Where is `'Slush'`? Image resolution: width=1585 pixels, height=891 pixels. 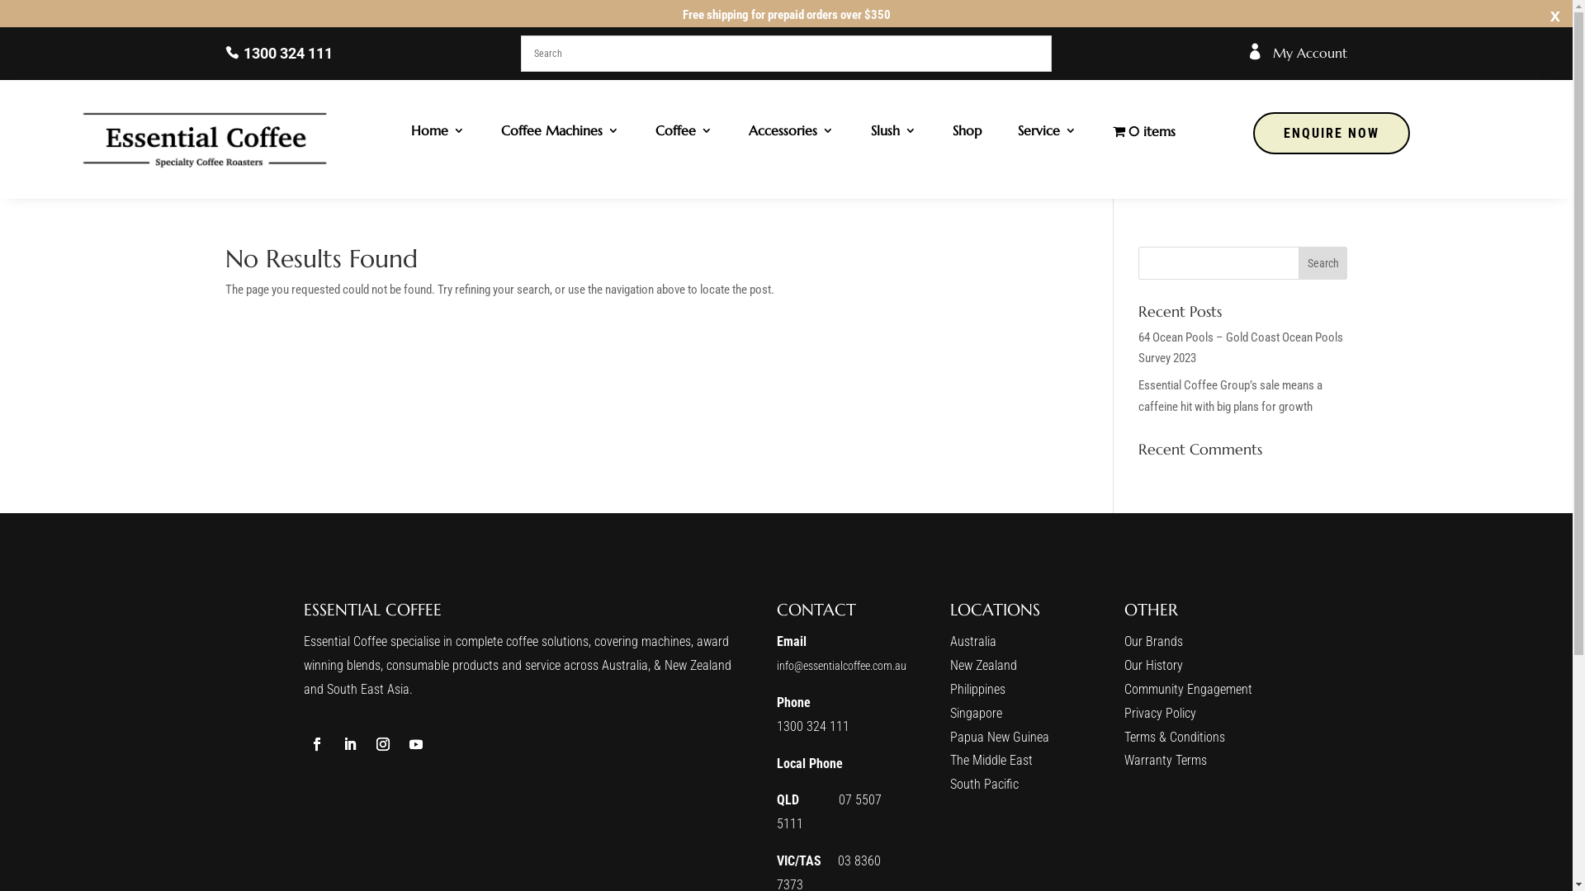 'Slush' is located at coordinates (892, 133).